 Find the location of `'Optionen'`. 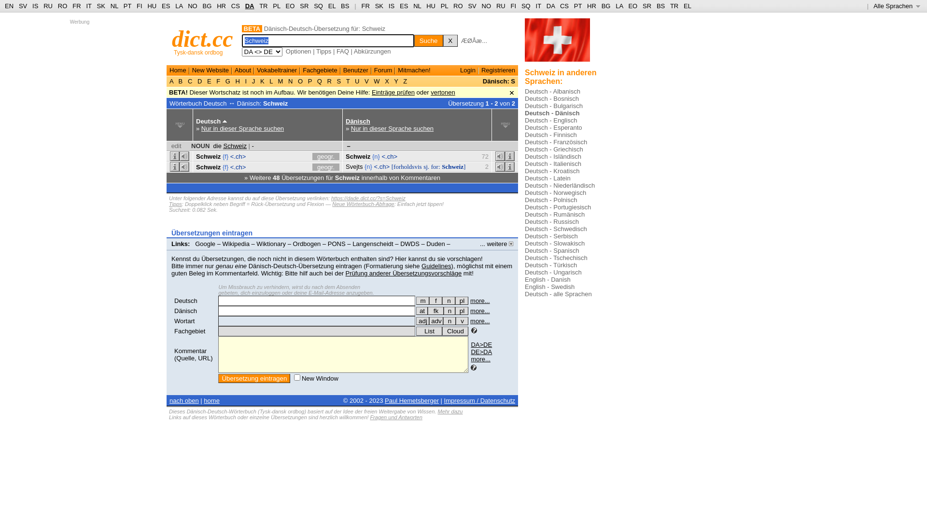

'Optionen' is located at coordinates (298, 51).